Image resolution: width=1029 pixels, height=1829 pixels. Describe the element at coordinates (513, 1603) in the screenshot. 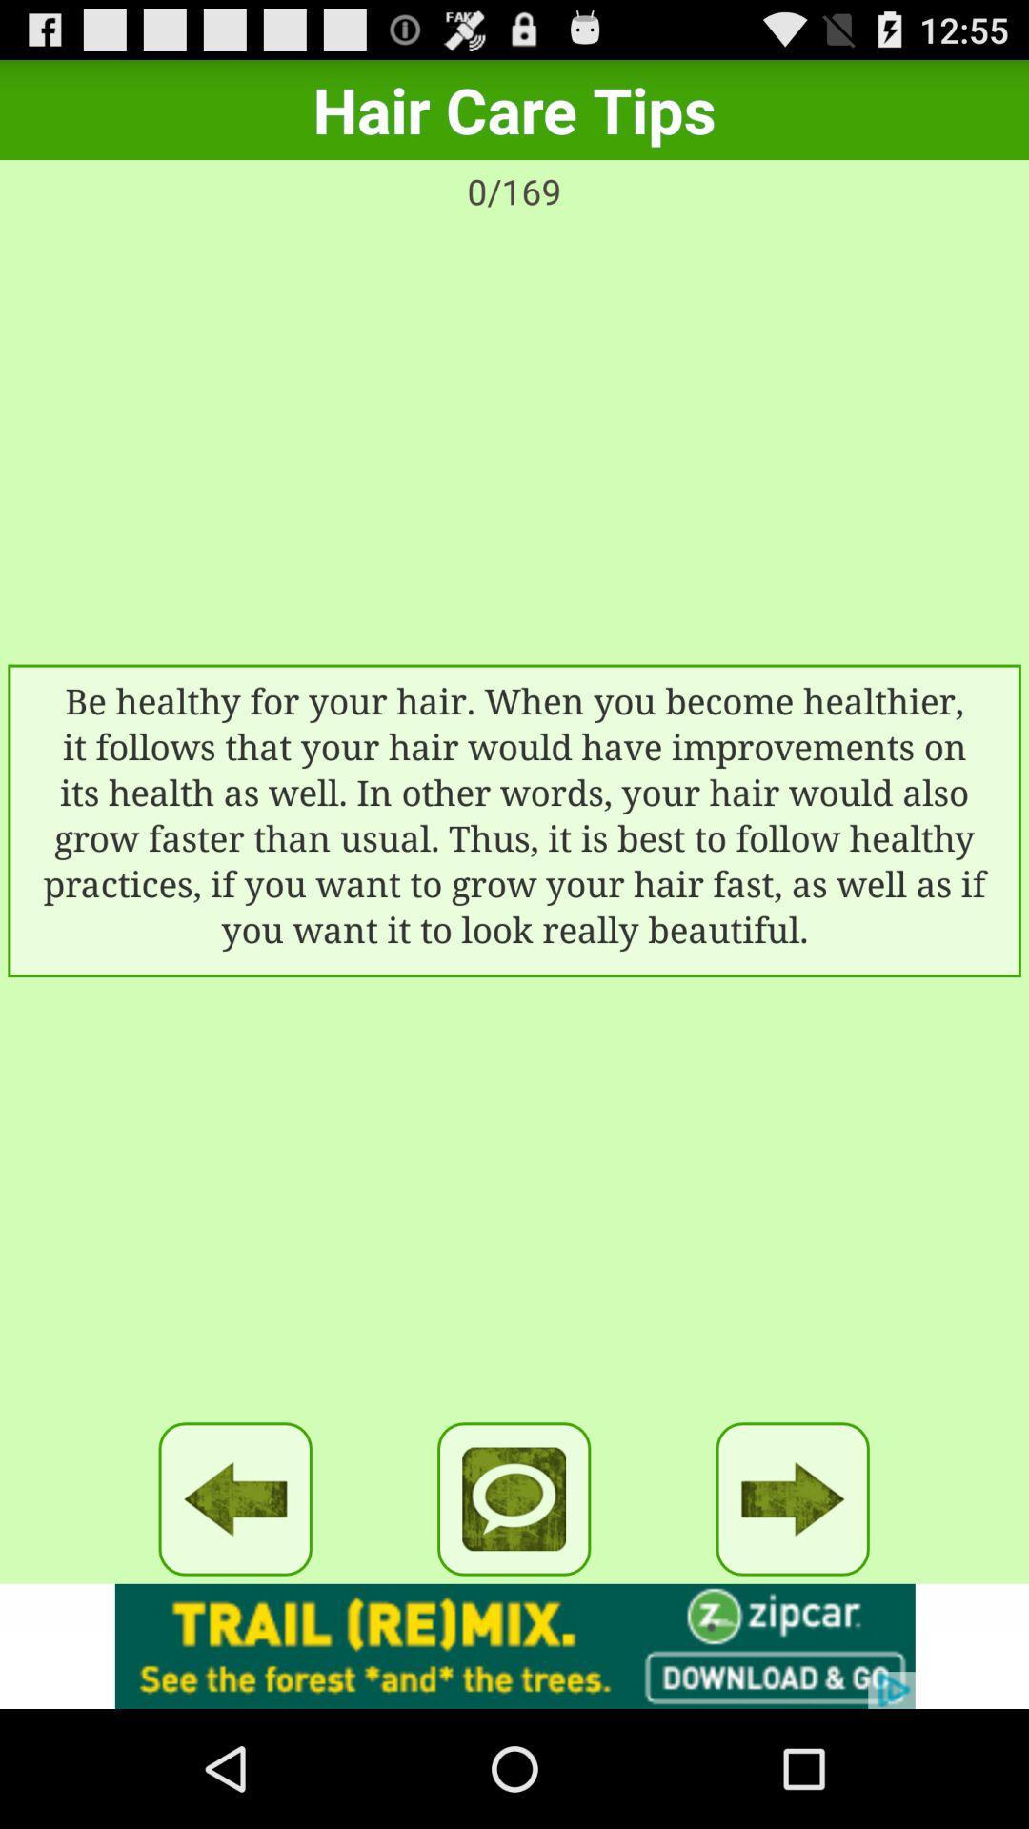

I see `the chat icon` at that location.